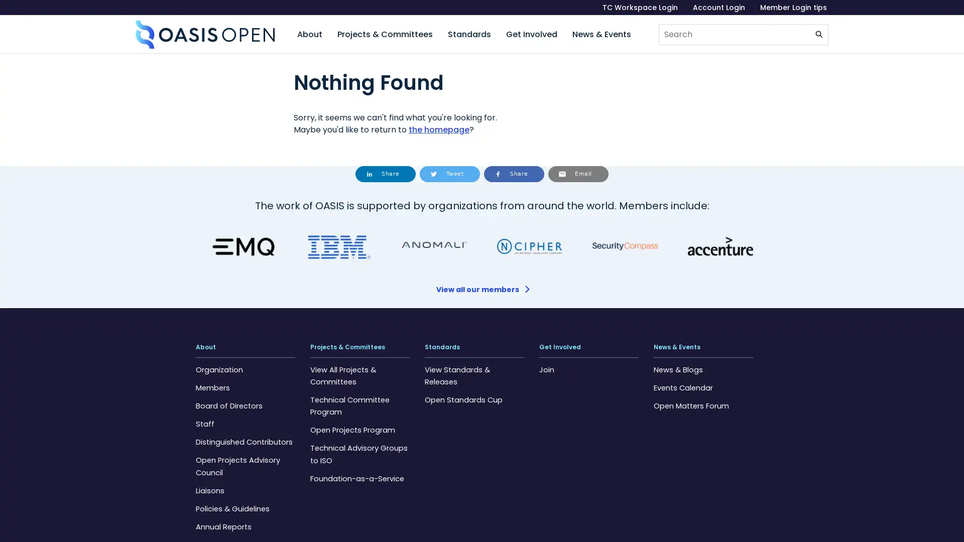  What do you see at coordinates (819, 34) in the screenshot?
I see `Submit search` at bounding box center [819, 34].